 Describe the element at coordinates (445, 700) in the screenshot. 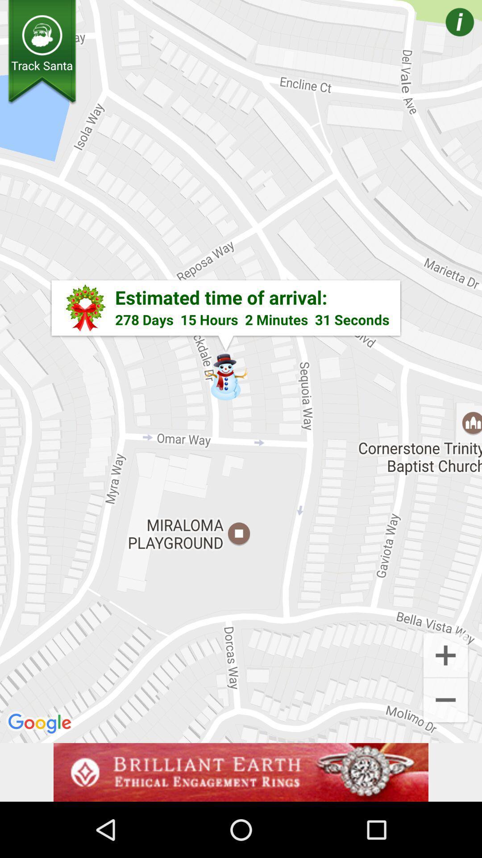

I see `the add icon` at that location.